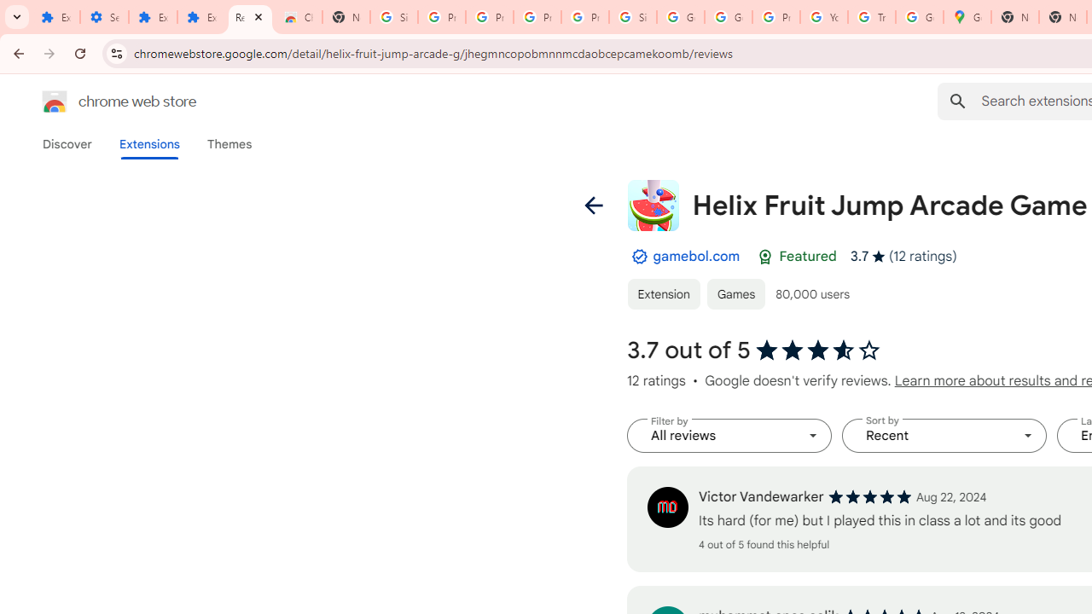 The width and height of the screenshot is (1092, 614). What do you see at coordinates (652, 204) in the screenshot?
I see `'Item logo image for Helix Fruit Jump Arcade Game'` at bounding box center [652, 204].